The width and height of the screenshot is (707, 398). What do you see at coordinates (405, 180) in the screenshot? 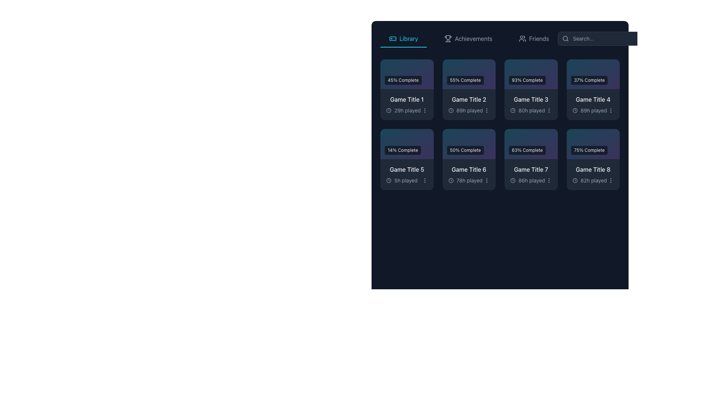
I see `text displayed in the Text label that shows the total hours played for the game, which is located near the bottom of the 'Game Title 5' card` at bounding box center [405, 180].